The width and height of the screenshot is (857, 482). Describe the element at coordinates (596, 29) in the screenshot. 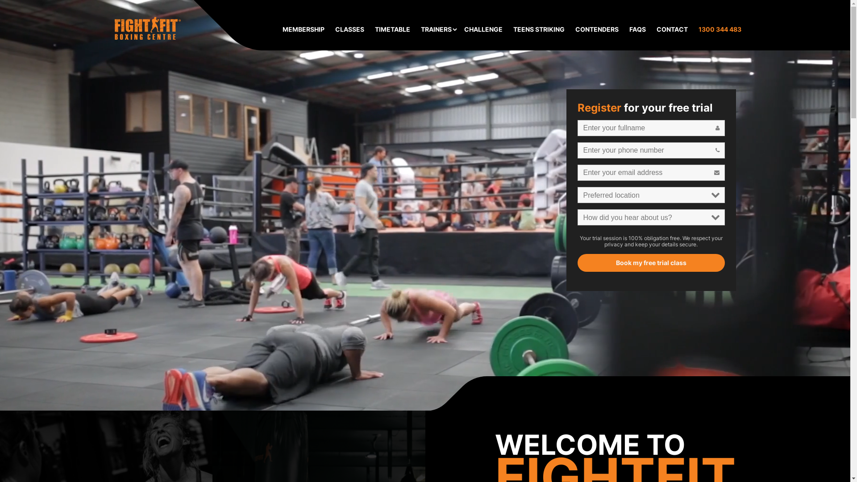

I see `'CONTENDERS'` at that location.